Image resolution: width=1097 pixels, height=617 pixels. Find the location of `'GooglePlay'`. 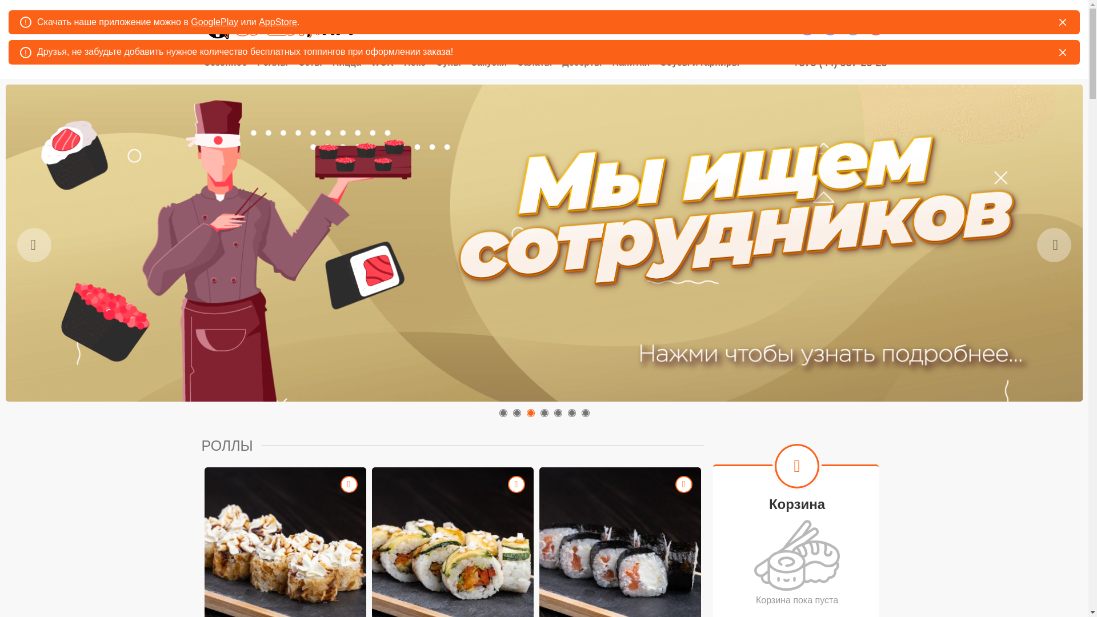

'GooglePlay' is located at coordinates (214, 22).